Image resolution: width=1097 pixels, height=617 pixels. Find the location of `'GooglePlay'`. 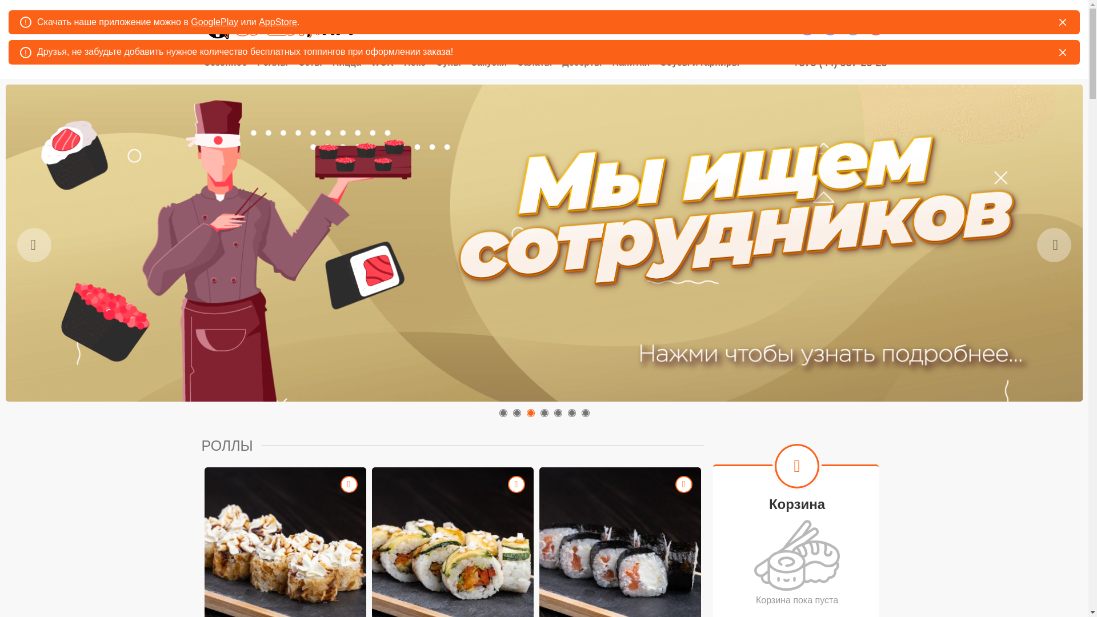

'GooglePlay' is located at coordinates (214, 22).